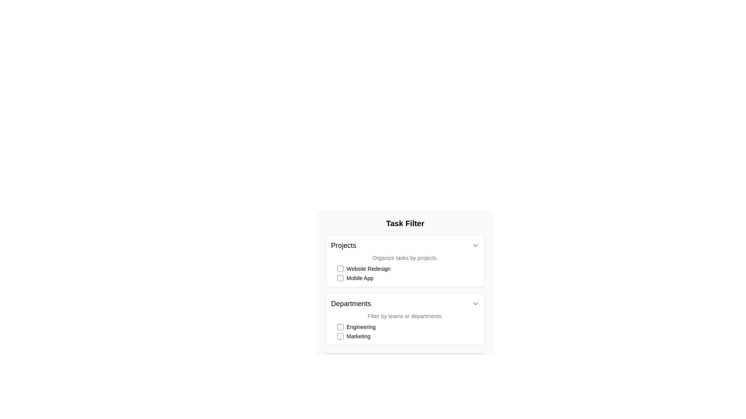  Describe the element at coordinates (340, 327) in the screenshot. I see `the checkbox for the 'Engineering' department` at that location.